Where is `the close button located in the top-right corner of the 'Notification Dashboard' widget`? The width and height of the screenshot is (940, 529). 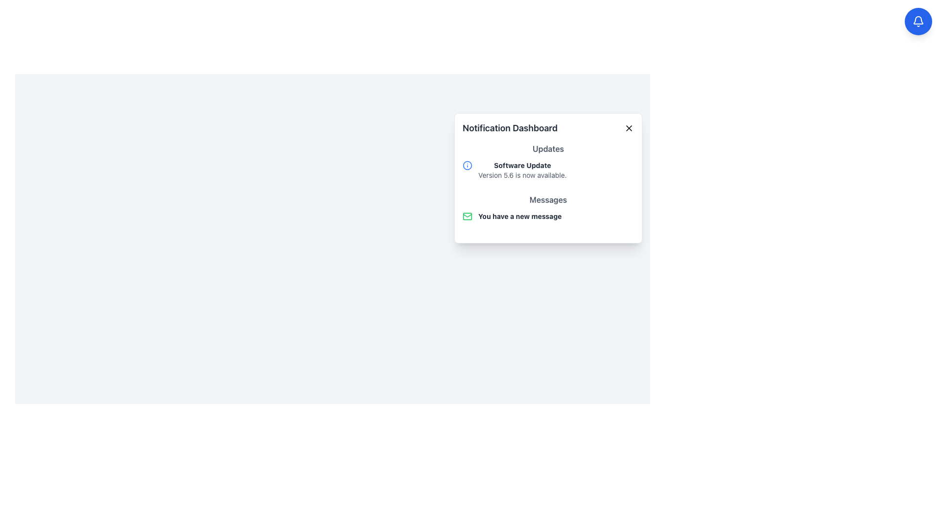
the close button located in the top-right corner of the 'Notification Dashboard' widget is located at coordinates (629, 128).